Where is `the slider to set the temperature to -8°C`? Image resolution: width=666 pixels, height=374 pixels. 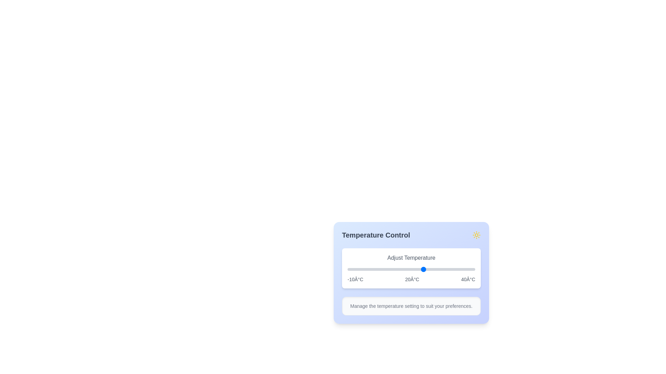
the slider to set the temperature to -8°C is located at coordinates (352, 269).